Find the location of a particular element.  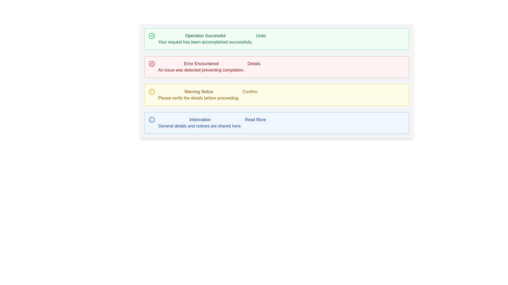

success message text located at the top of the green success message box is located at coordinates (205, 36).